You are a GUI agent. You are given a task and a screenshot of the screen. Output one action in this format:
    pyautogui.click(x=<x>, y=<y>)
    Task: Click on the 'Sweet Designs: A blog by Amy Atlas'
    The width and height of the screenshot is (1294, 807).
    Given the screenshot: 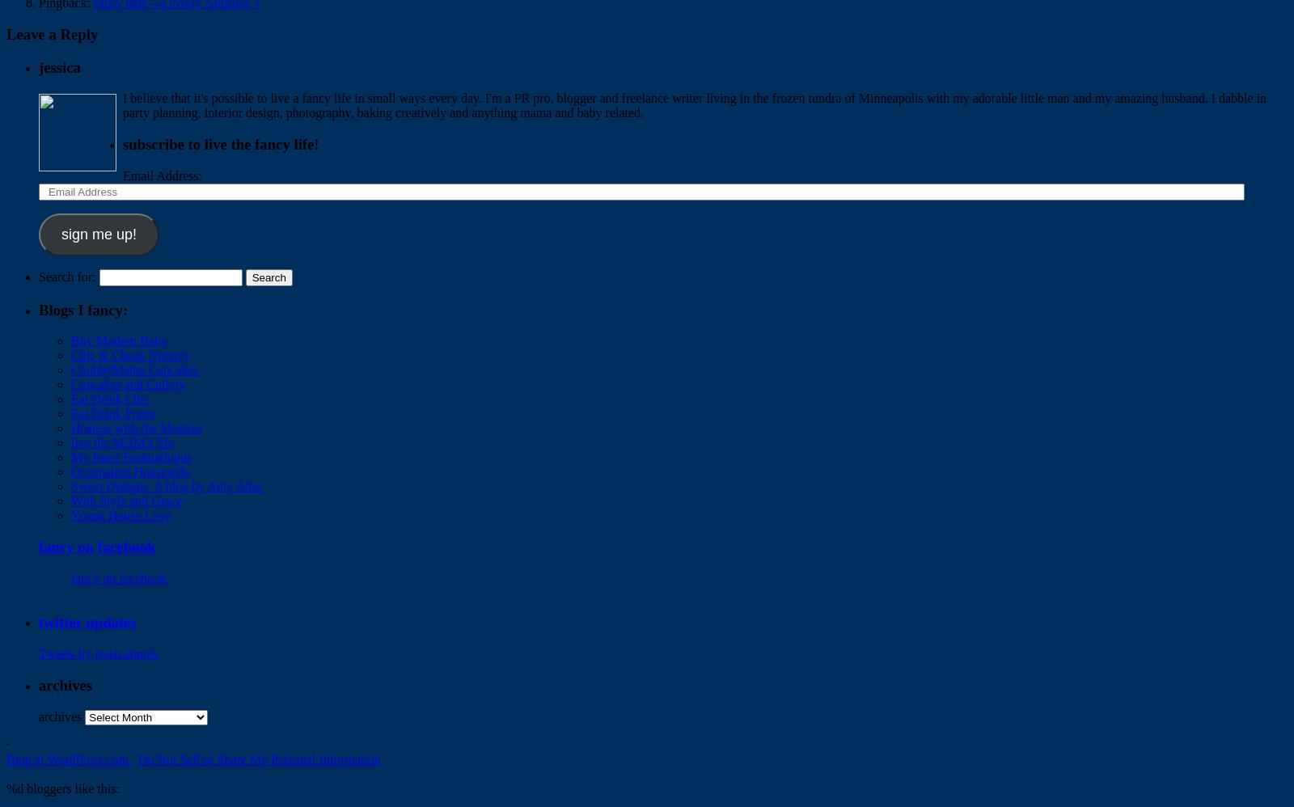 What is the action you would take?
    pyautogui.click(x=167, y=486)
    